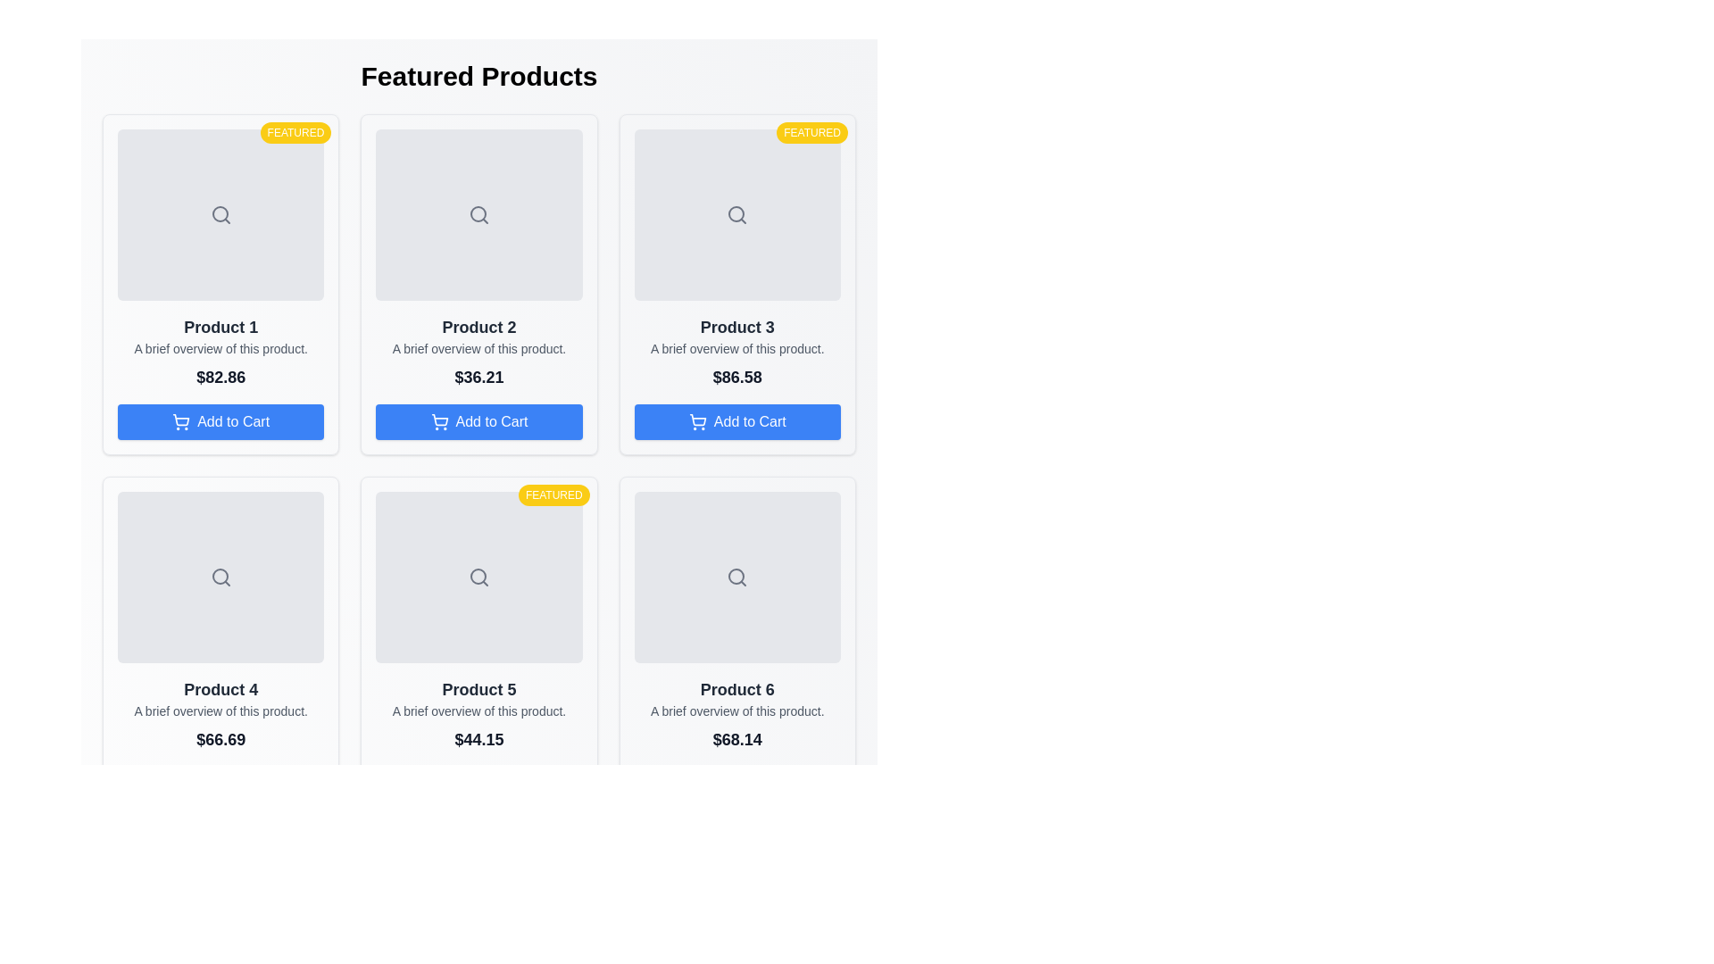 This screenshot has width=1714, height=964. I want to click on the gray rectangular image placeholder with a centered magnifying glass icon in the card titled 'Product 3', located at the top-right area of the product grid, so click(737, 213).